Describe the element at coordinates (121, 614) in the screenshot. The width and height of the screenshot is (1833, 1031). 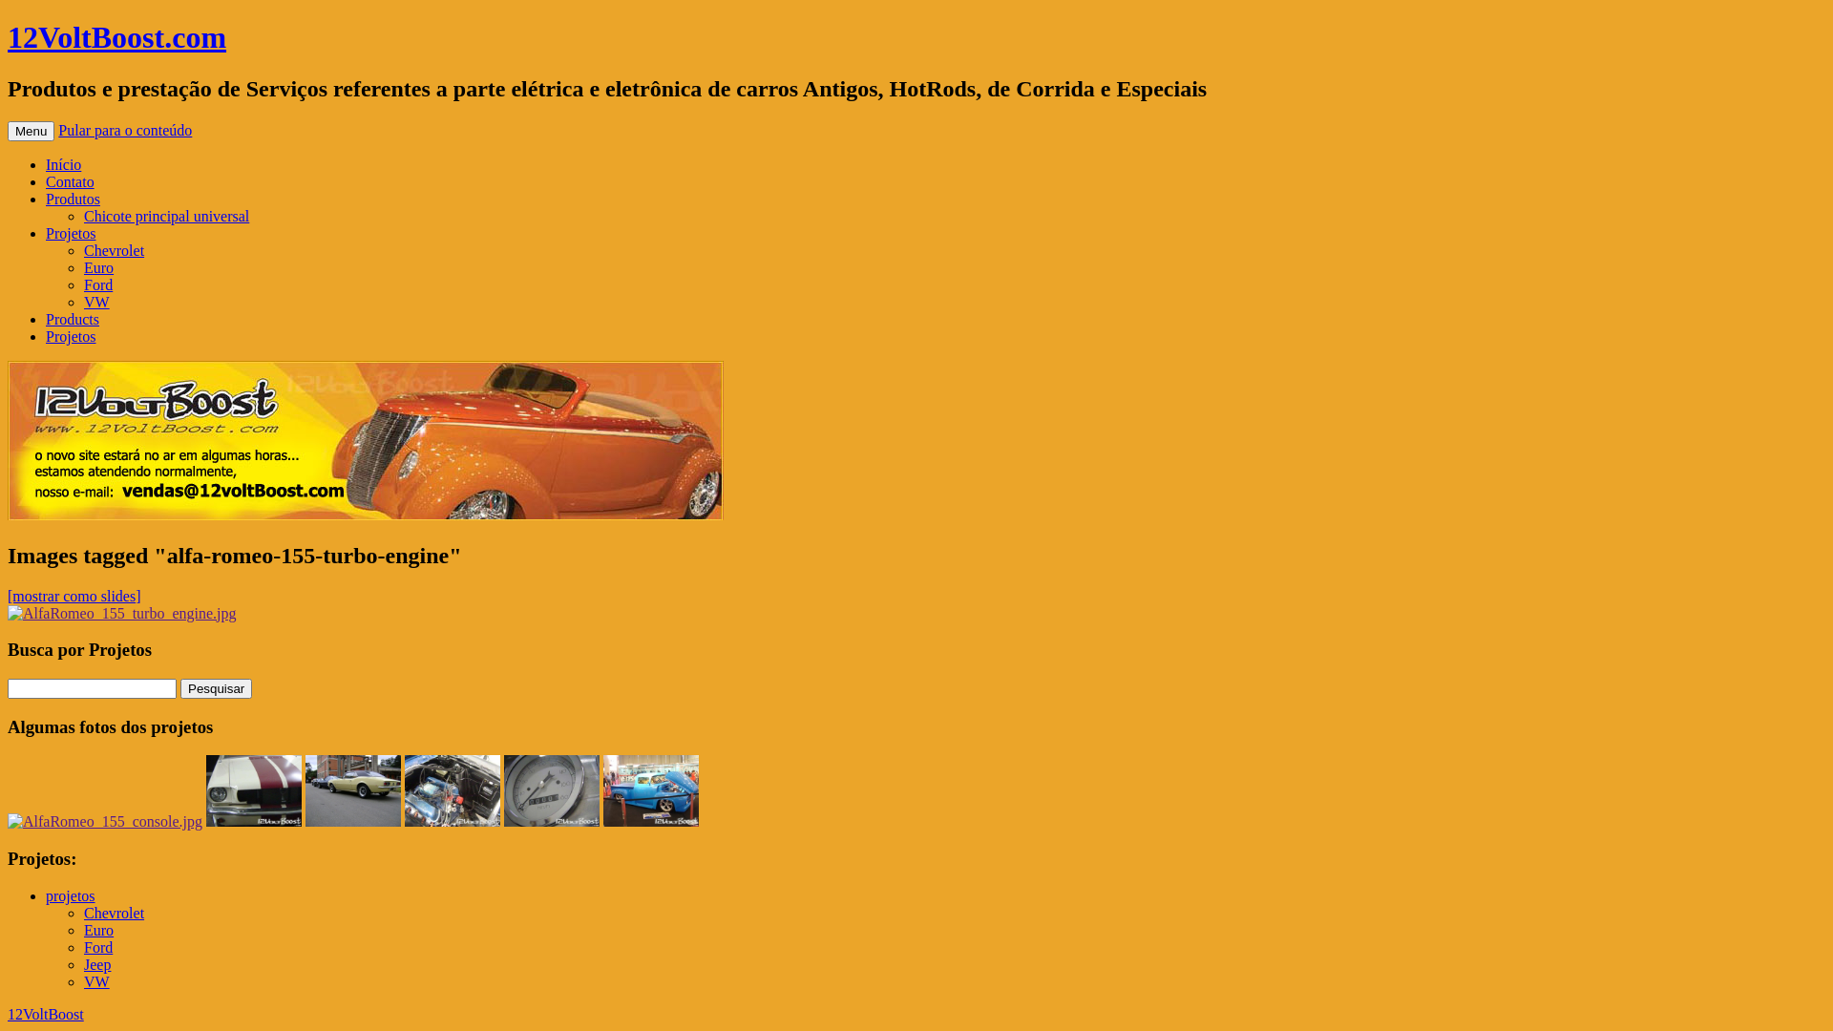
I see `'AlfaRomeo_155_turbo_engine.jpg'` at that location.